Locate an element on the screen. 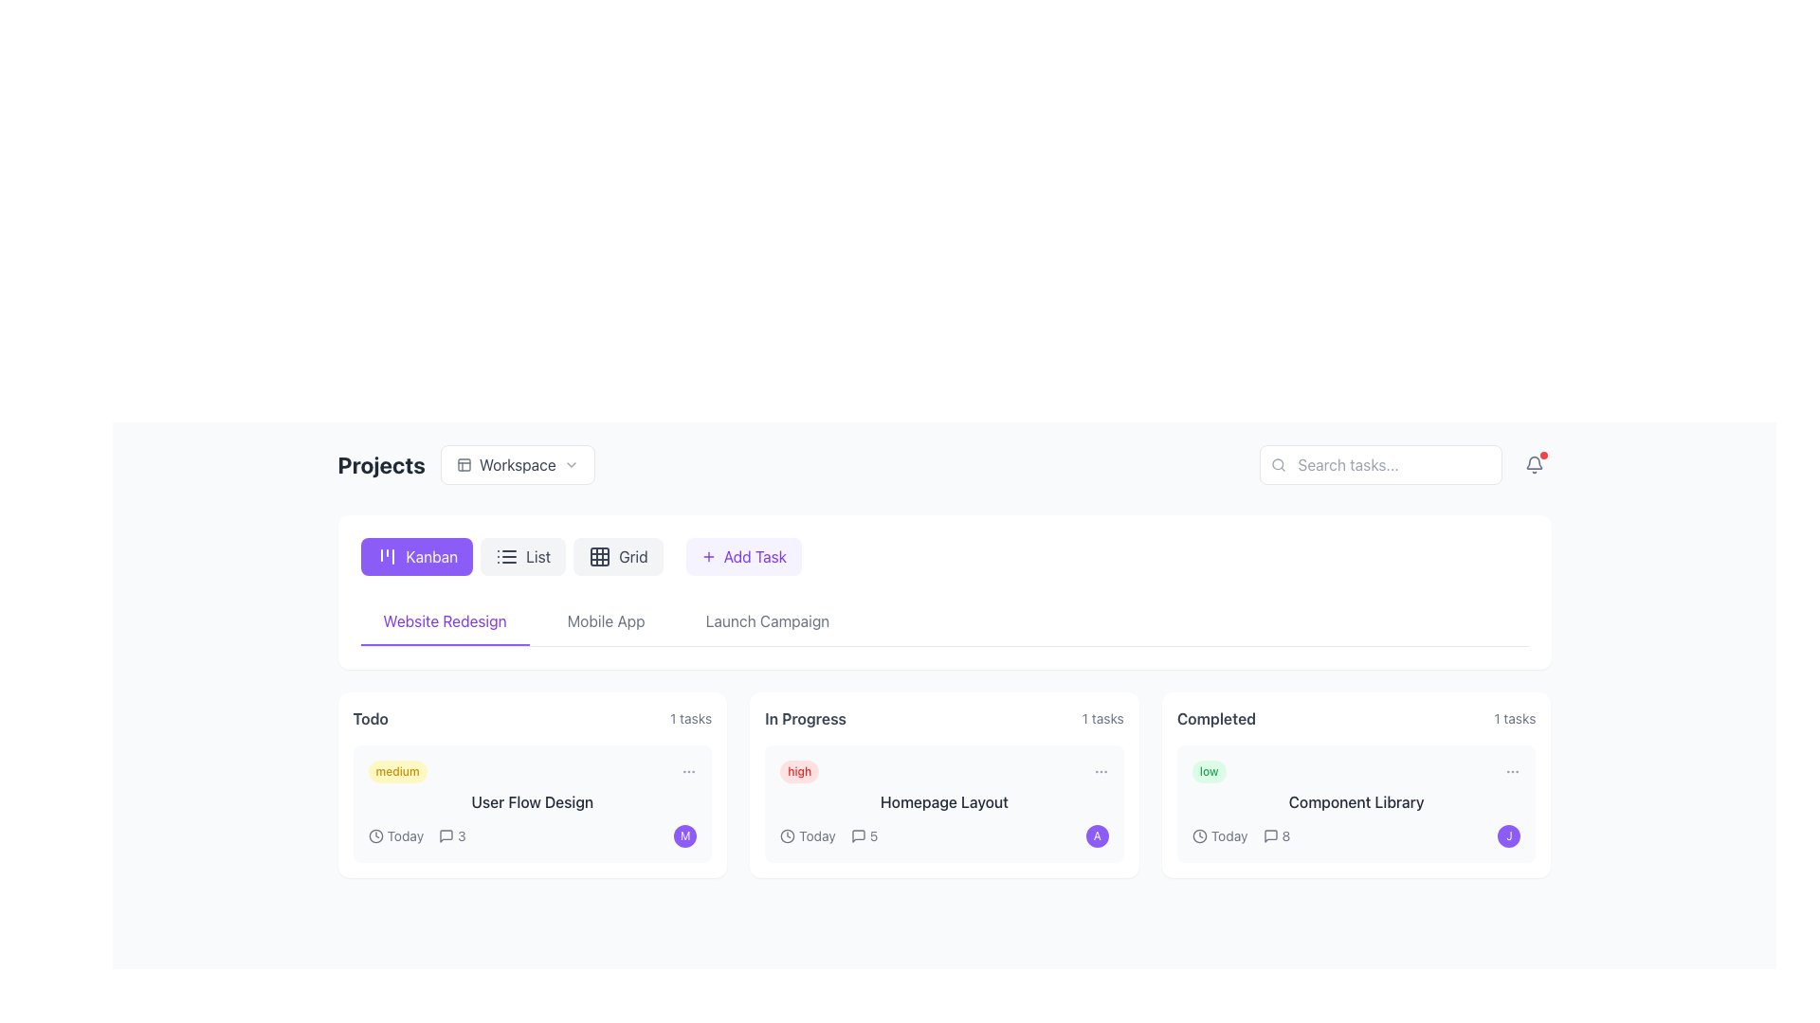 This screenshot has height=1023, width=1820. the text of the title or identifier for a task in the 'In Progress' section of the Kanban board, located just below the 'high' label is located at coordinates (944, 802).